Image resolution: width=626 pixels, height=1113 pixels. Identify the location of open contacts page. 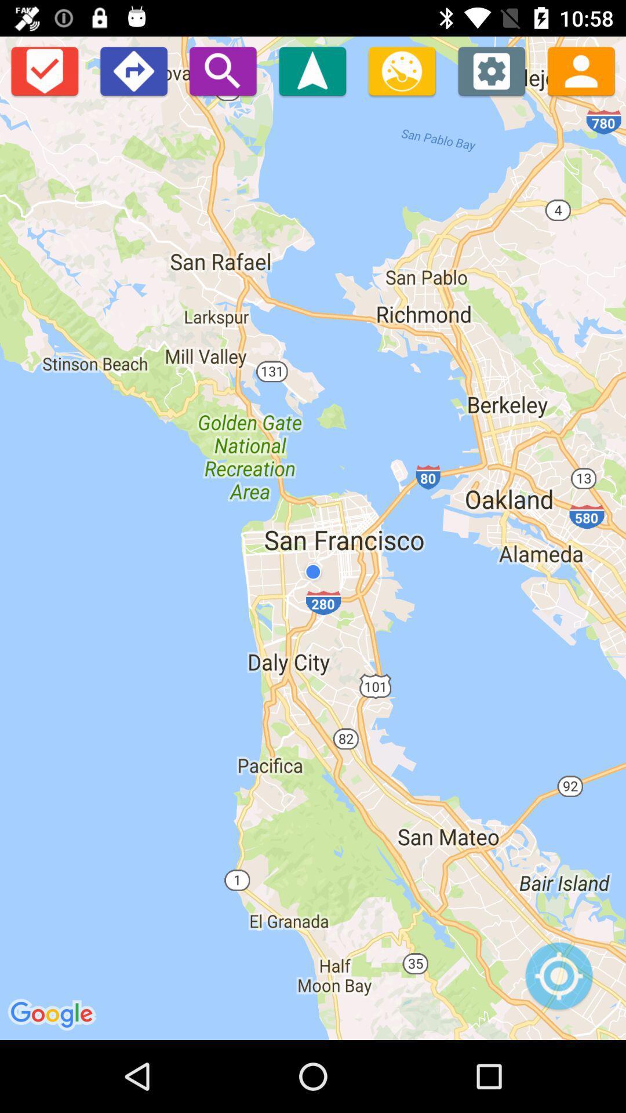
(581, 70).